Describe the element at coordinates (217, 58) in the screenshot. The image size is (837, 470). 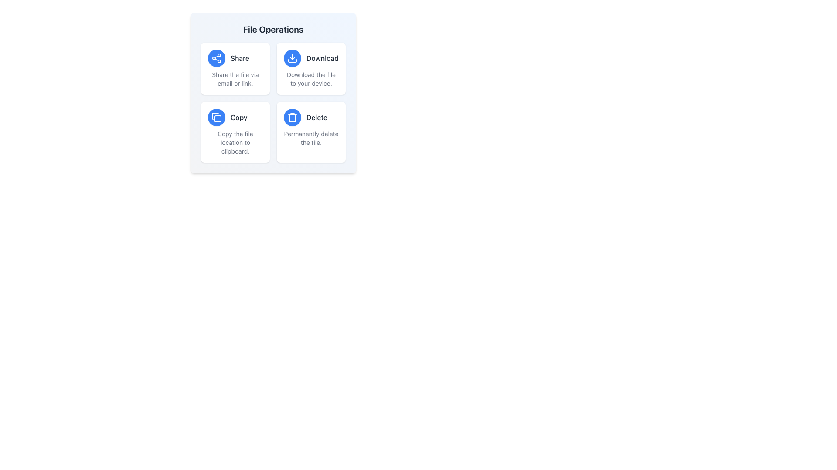
I see `the circular share icon button located at the top-left corner of the action buttons grid under the 'File Operations' header` at that location.